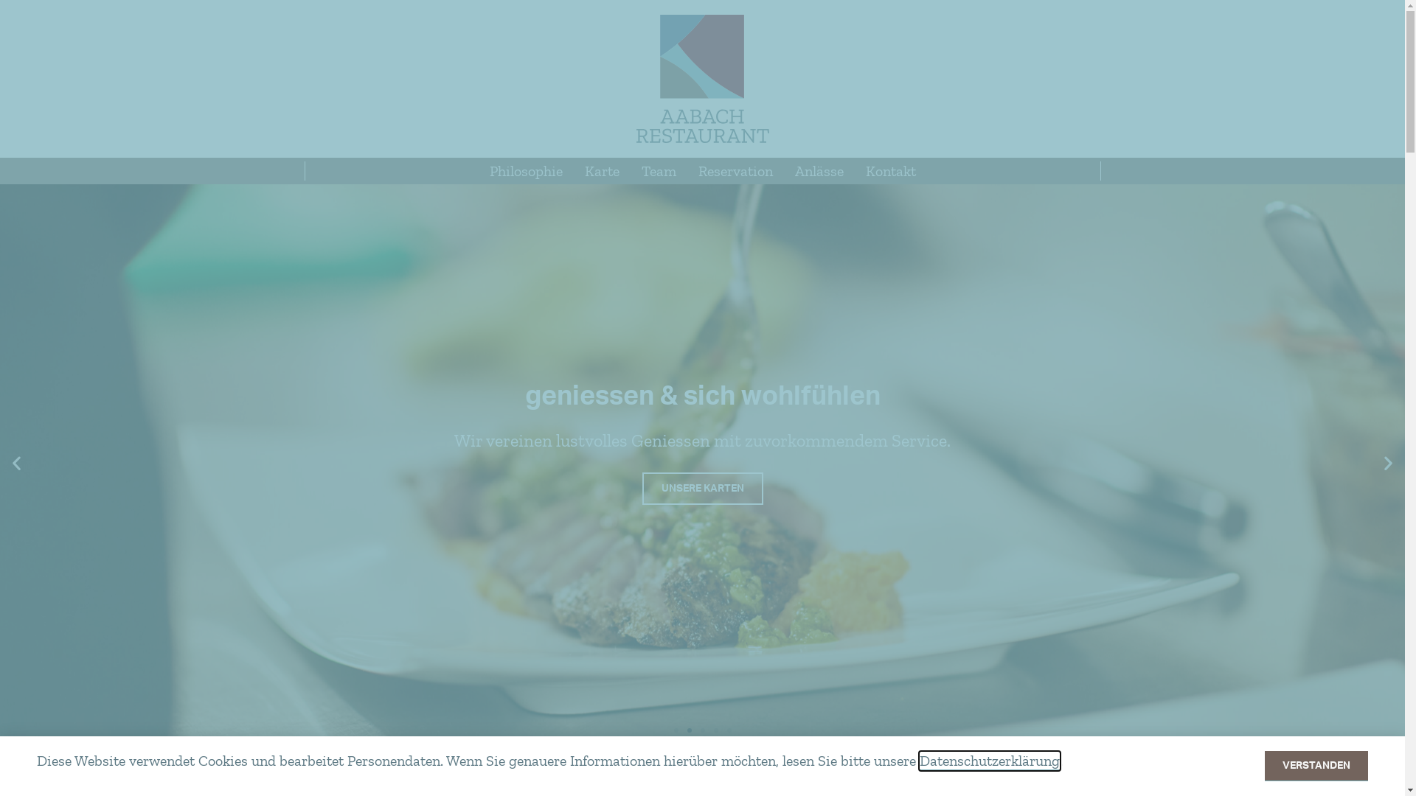 The height and width of the screenshot is (796, 1416). Describe the element at coordinates (657, 170) in the screenshot. I see `'Team'` at that location.